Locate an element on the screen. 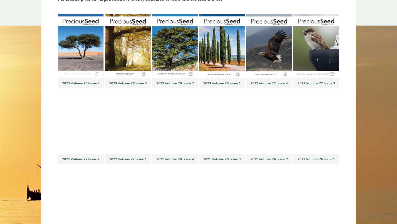  'Past PDFs' is located at coordinates (146, 119).